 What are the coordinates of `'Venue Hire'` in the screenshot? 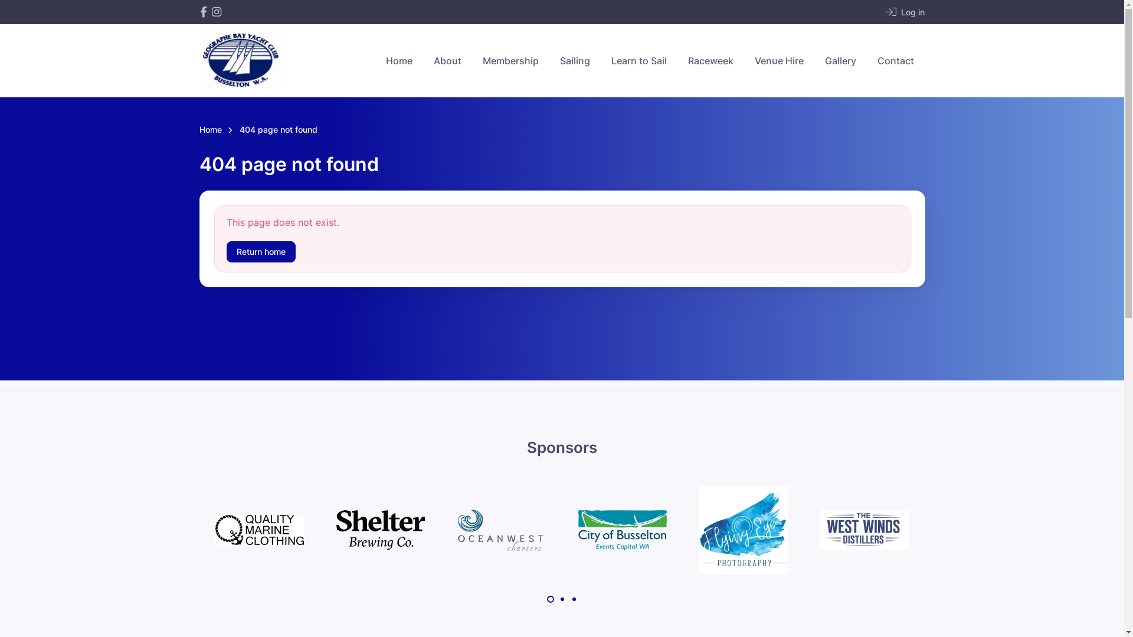 It's located at (742, 61).